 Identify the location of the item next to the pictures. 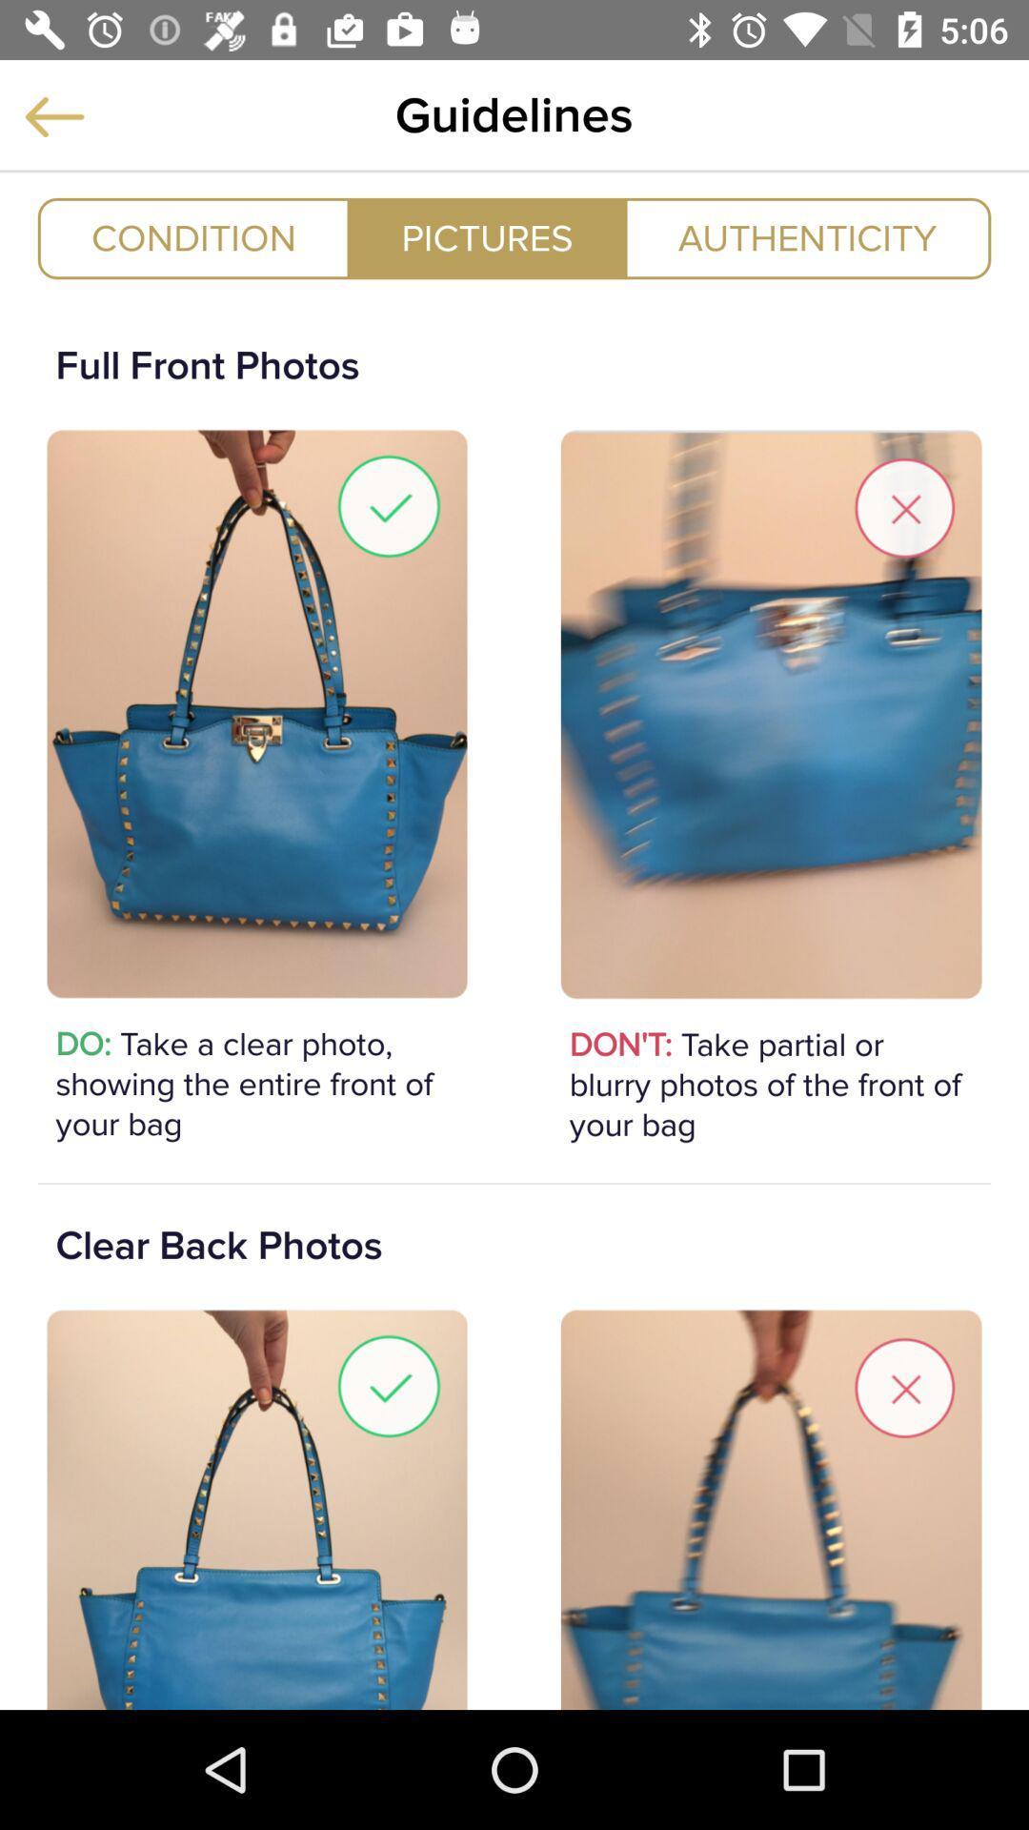
(193, 237).